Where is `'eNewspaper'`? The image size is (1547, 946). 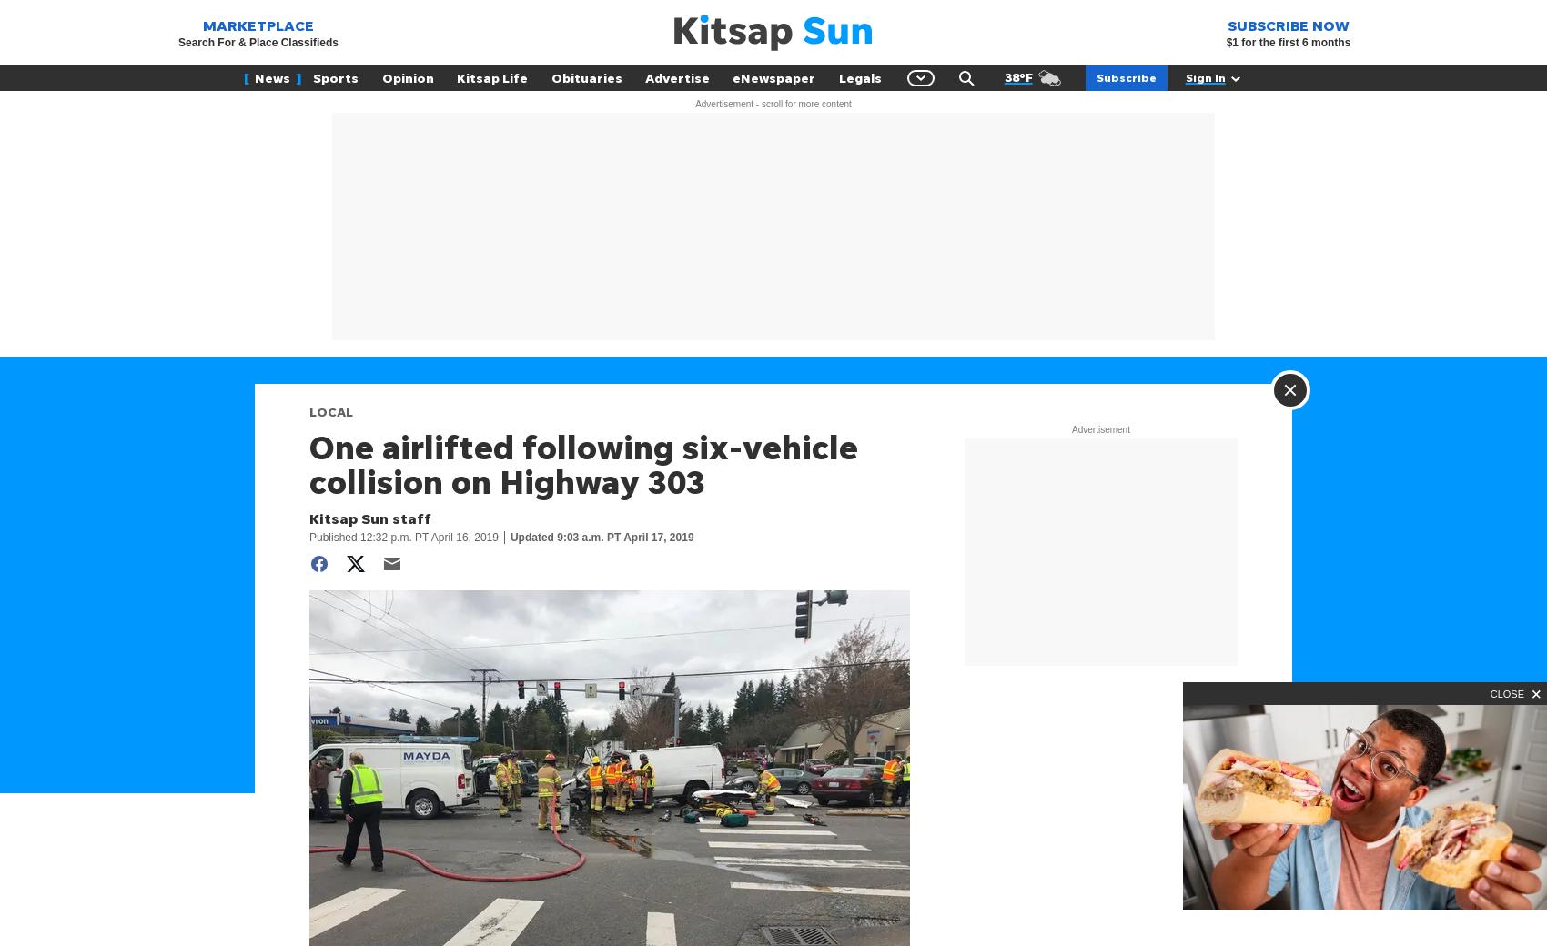
'eNewspaper' is located at coordinates (773, 76).